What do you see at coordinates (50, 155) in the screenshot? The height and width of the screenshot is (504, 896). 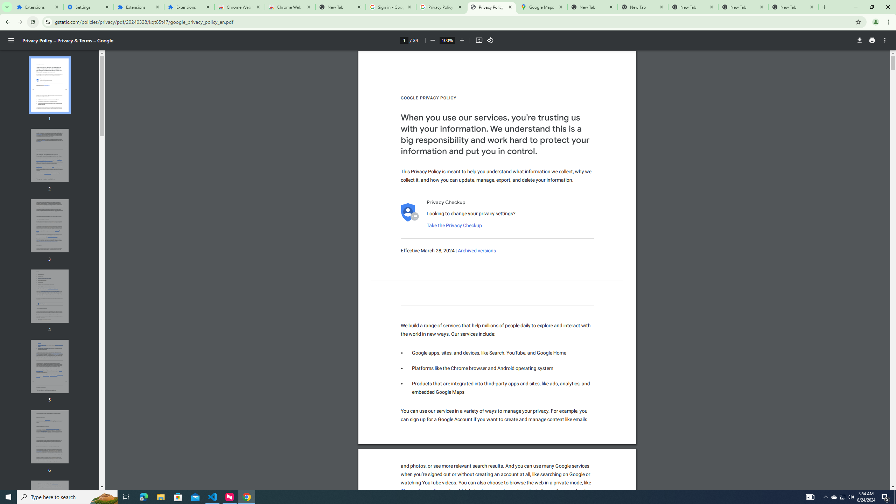 I see `'Thumbnail for page 2'` at bounding box center [50, 155].